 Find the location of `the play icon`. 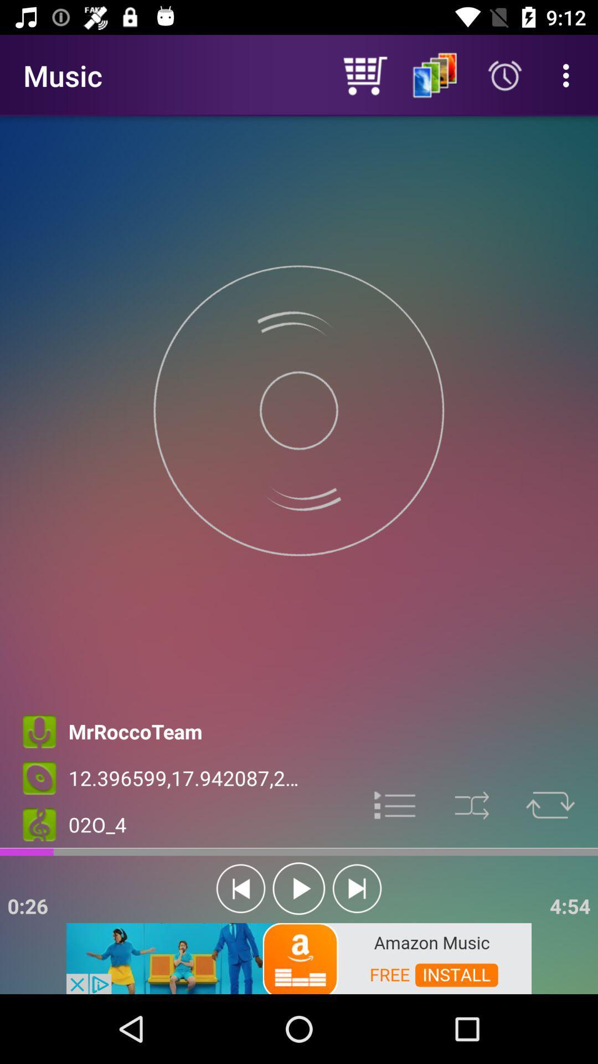

the play icon is located at coordinates (299, 888).